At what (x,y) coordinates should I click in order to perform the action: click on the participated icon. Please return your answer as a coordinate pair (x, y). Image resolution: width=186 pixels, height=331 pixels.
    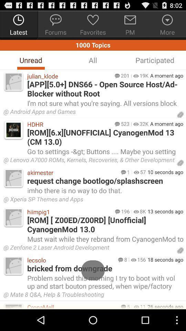
    Looking at the image, I should click on (155, 60).